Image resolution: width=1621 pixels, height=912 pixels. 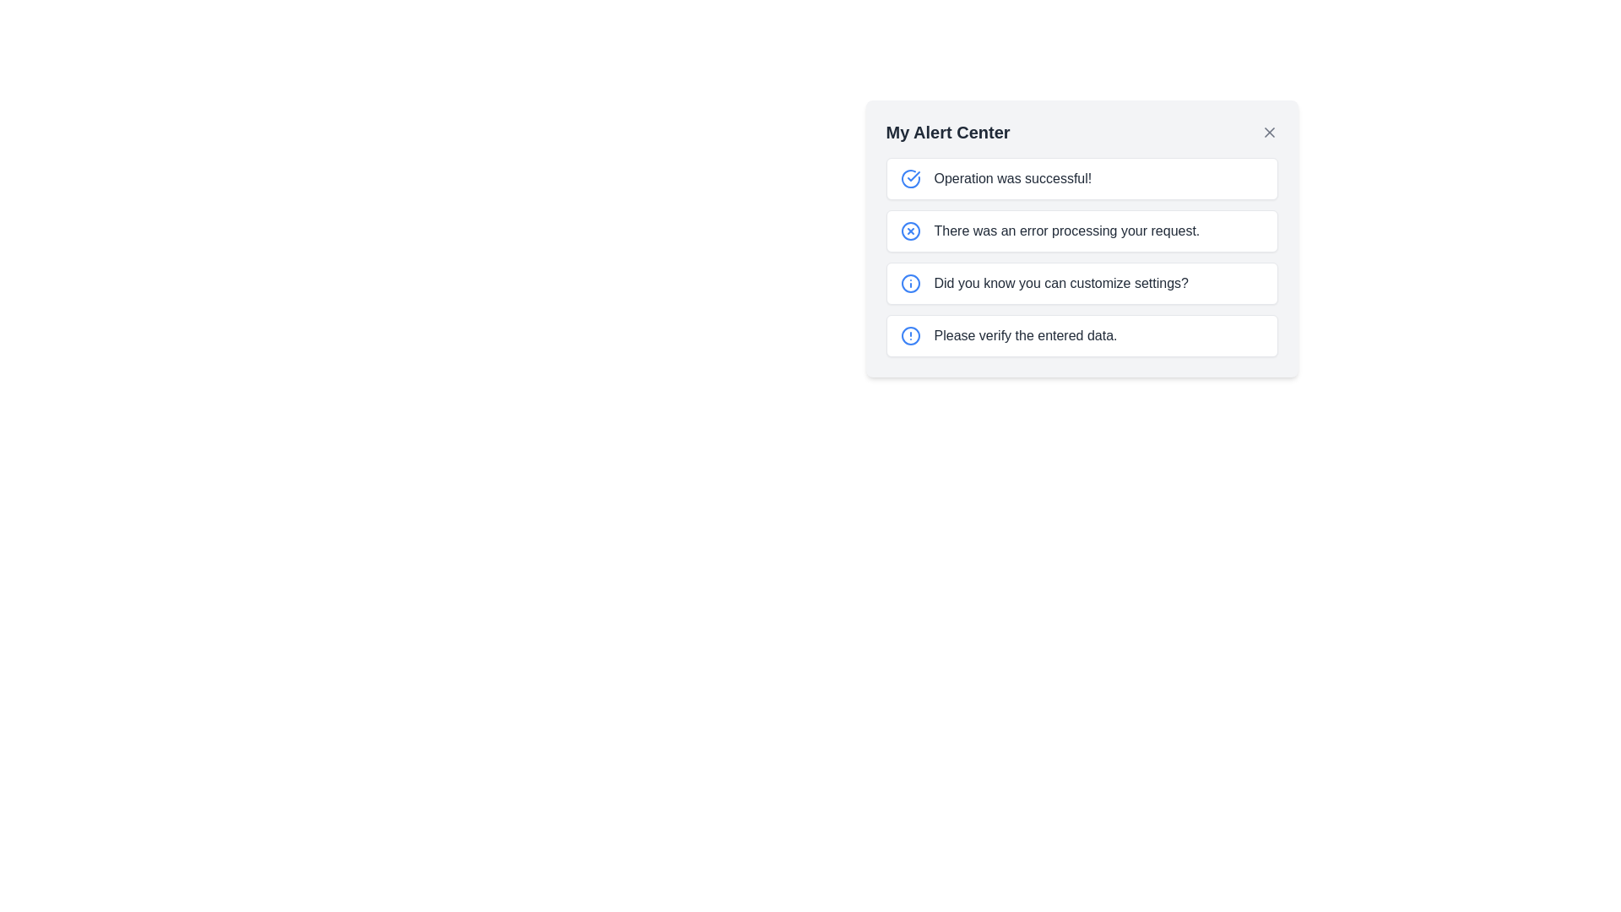 I want to click on the circular icon with a blue outline and checkmark, located to the left of the text 'Operation was successful!' in the alert box, so click(x=909, y=179).